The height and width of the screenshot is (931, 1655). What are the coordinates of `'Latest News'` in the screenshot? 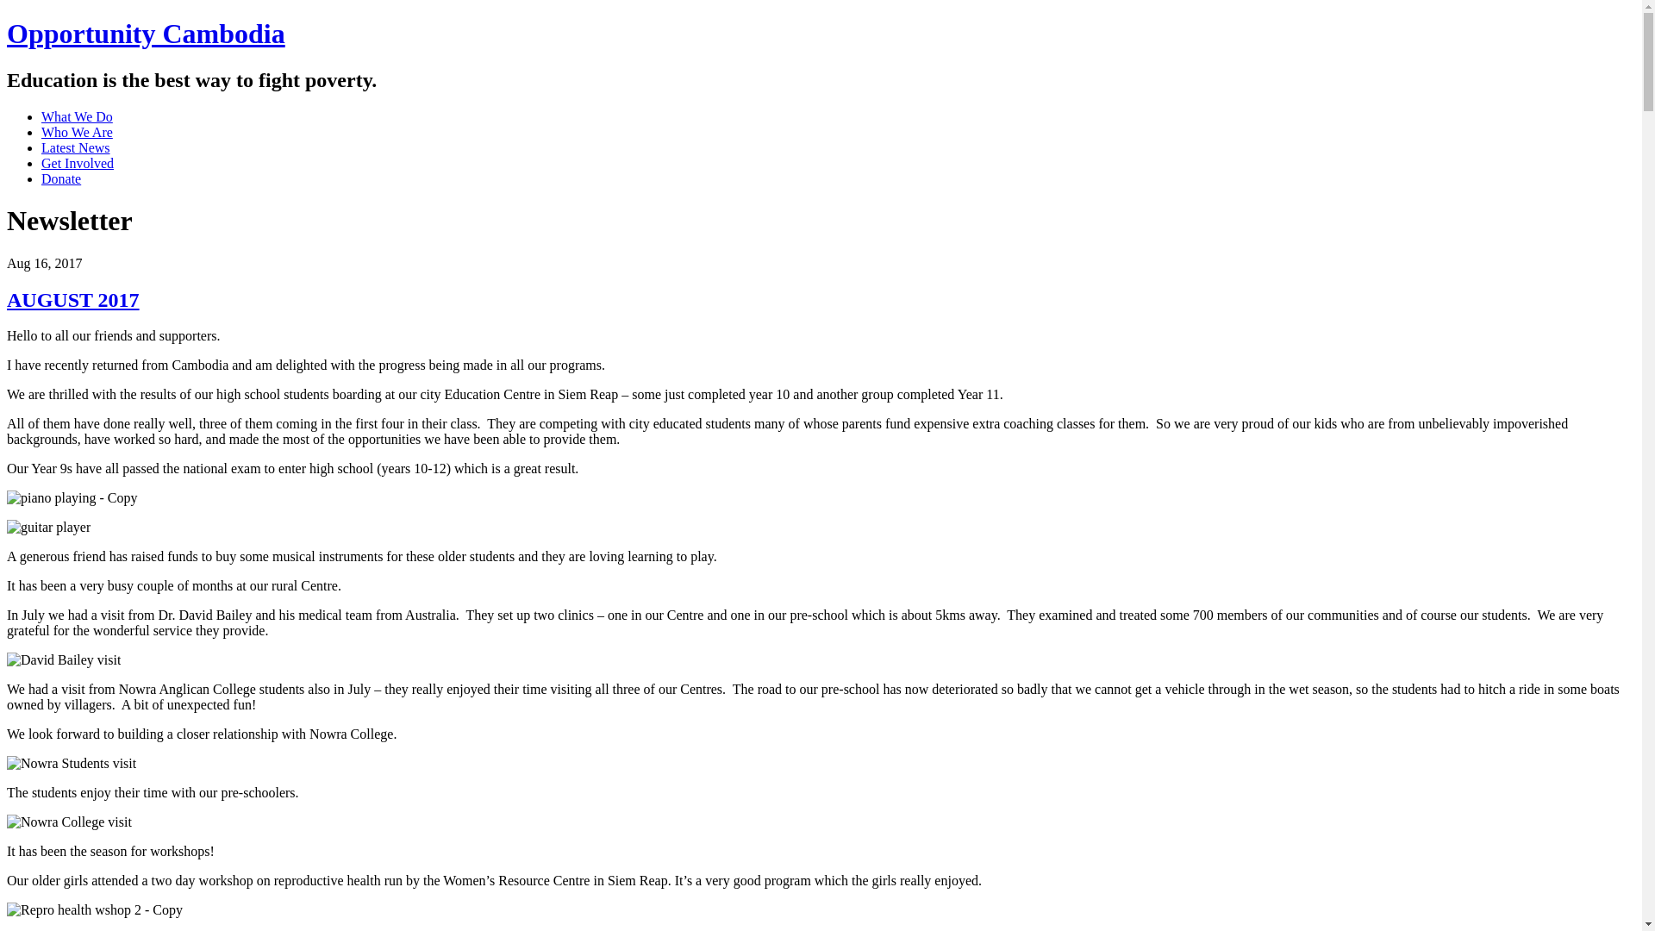 It's located at (41, 147).